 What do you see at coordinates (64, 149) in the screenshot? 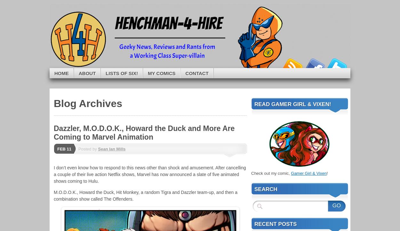
I see `'Feb 11'` at bounding box center [64, 149].